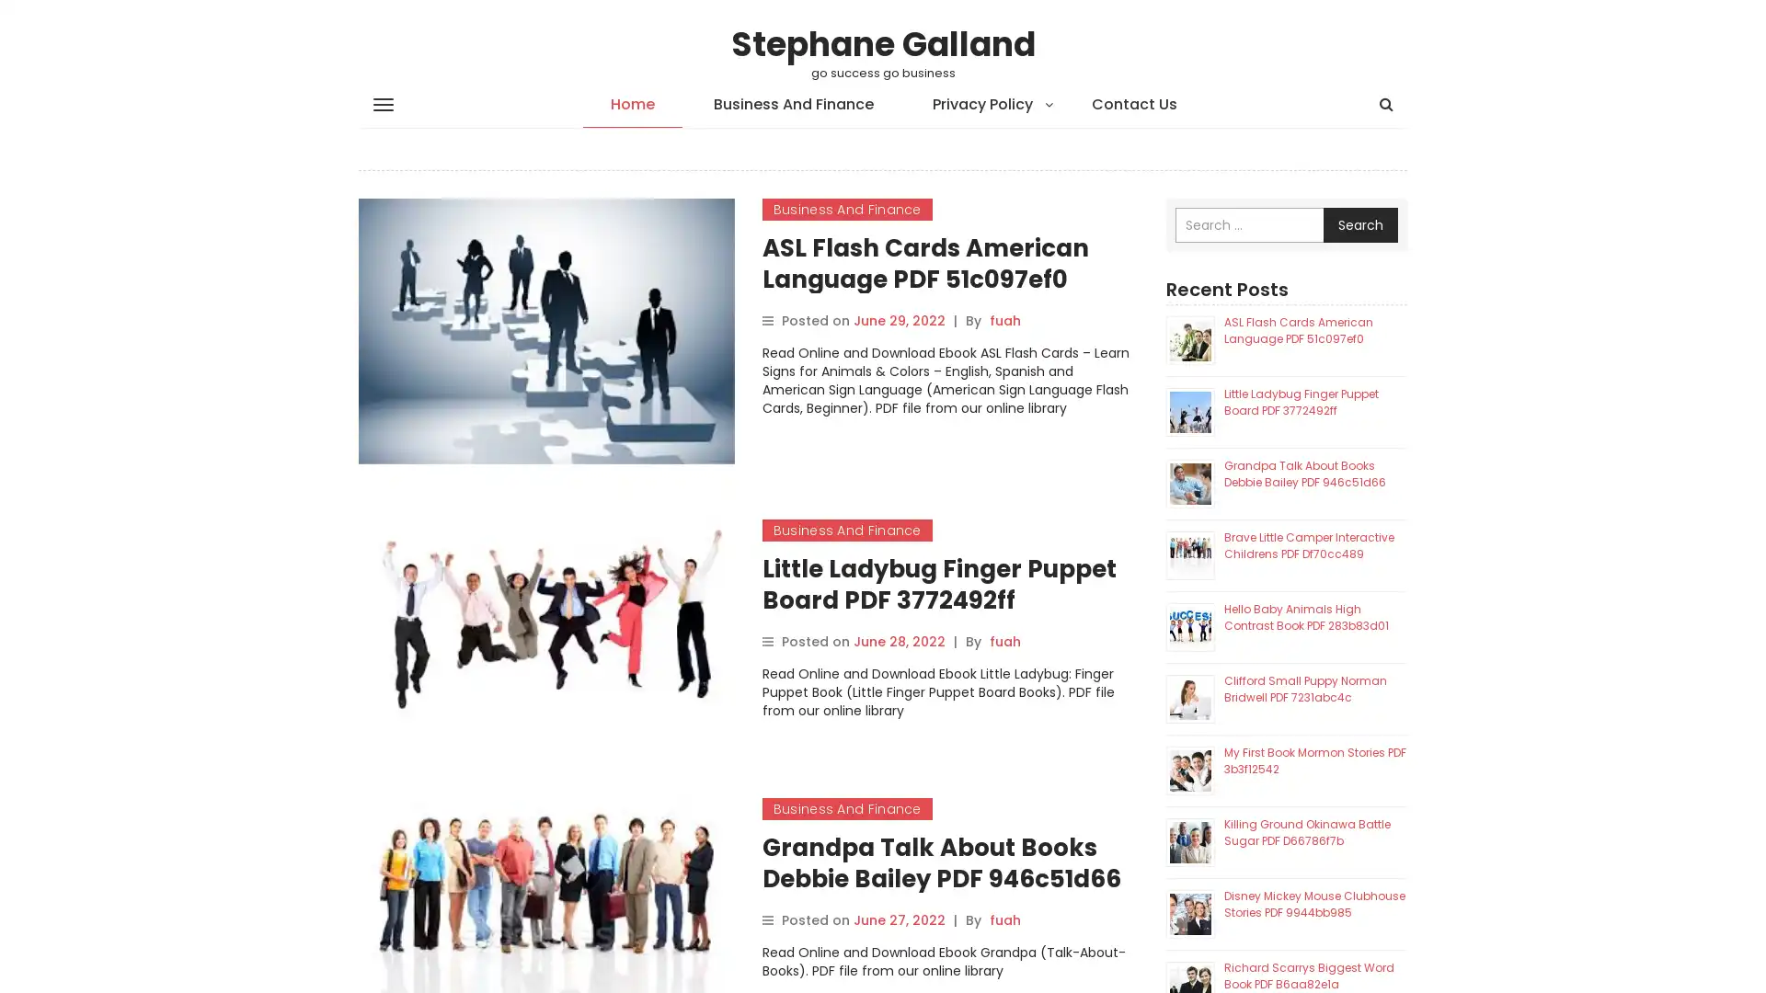 This screenshot has width=1766, height=993. I want to click on Search, so click(1360, 224).